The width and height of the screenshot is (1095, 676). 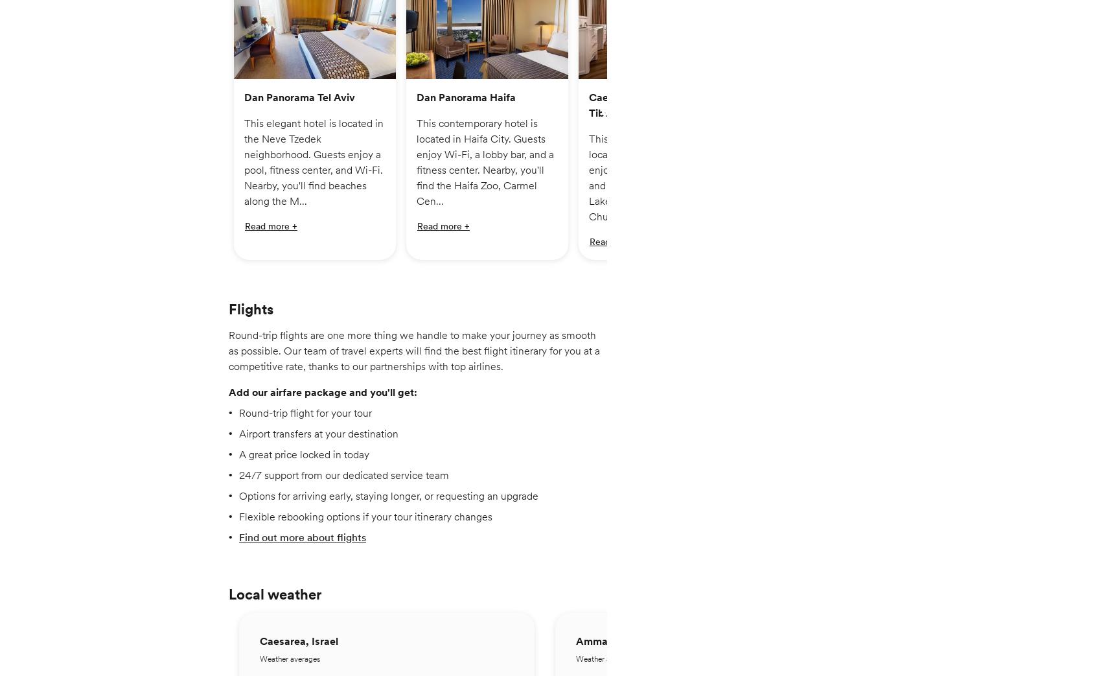 What do you see at coordinates (250, 316) in the screenshot?
I see `'Flights'` at bounding box center [250, 316].